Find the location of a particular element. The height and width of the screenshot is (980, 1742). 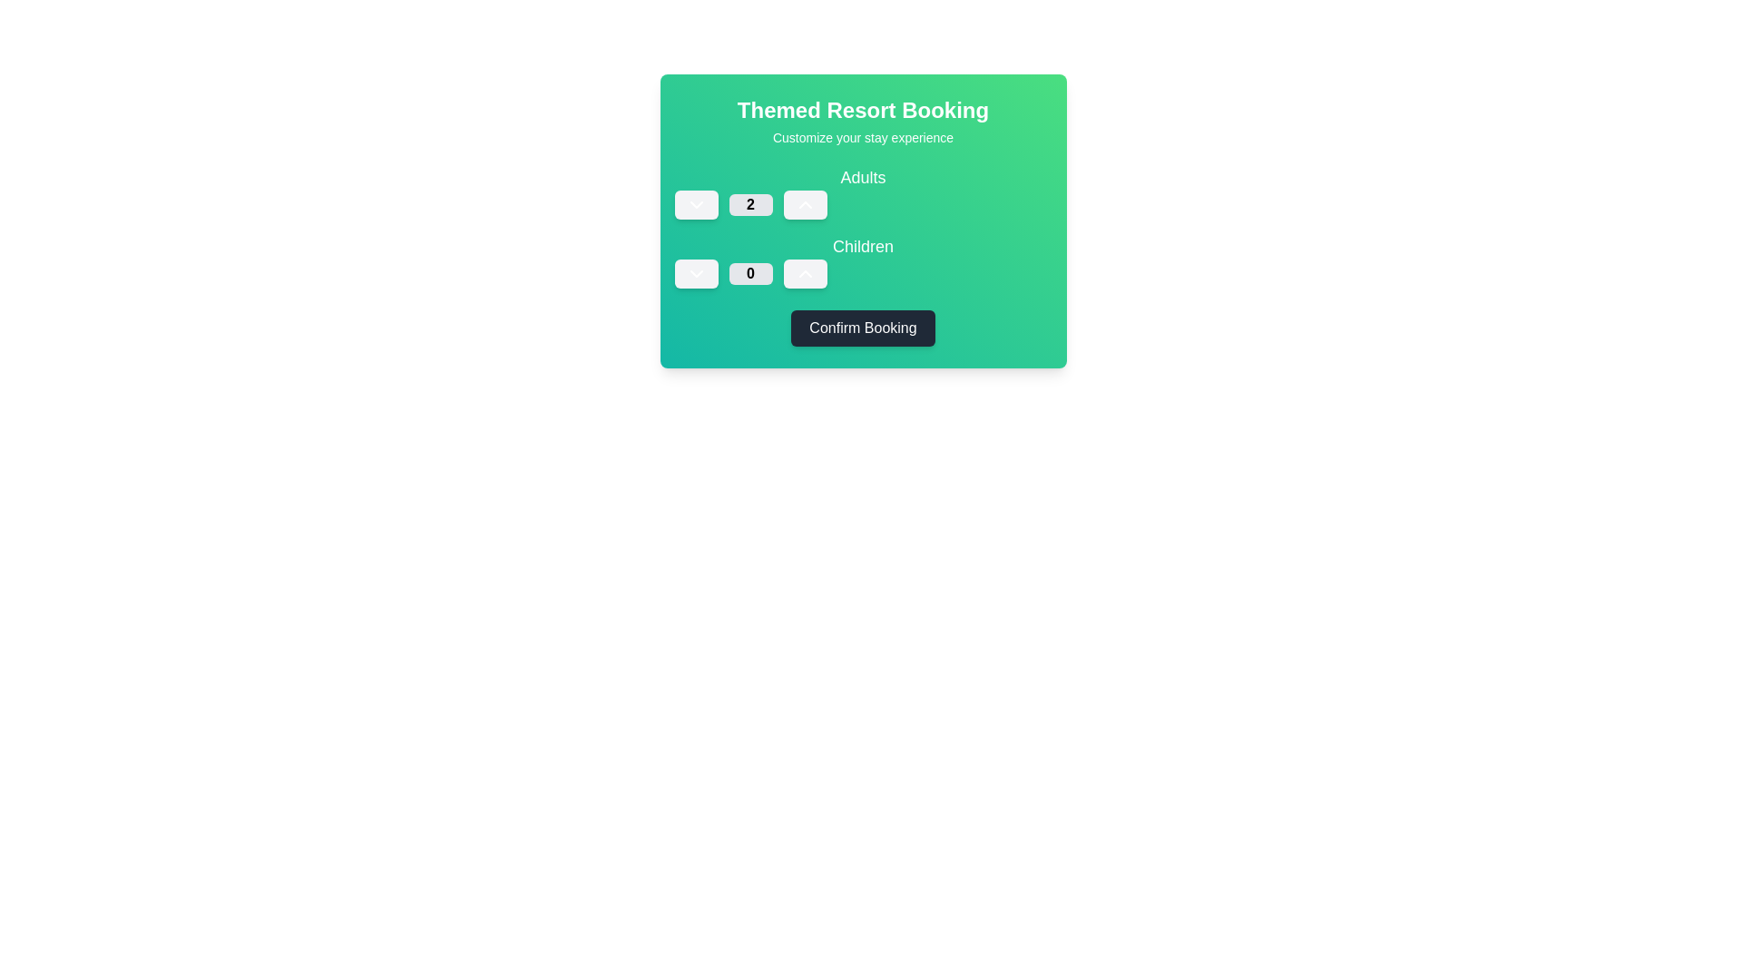

the interactive numeric input control for the 'Children' category, which includes the decrement button on the left, the numeric input in the center, and the increment button on the right is located at coordinates (862, 273).